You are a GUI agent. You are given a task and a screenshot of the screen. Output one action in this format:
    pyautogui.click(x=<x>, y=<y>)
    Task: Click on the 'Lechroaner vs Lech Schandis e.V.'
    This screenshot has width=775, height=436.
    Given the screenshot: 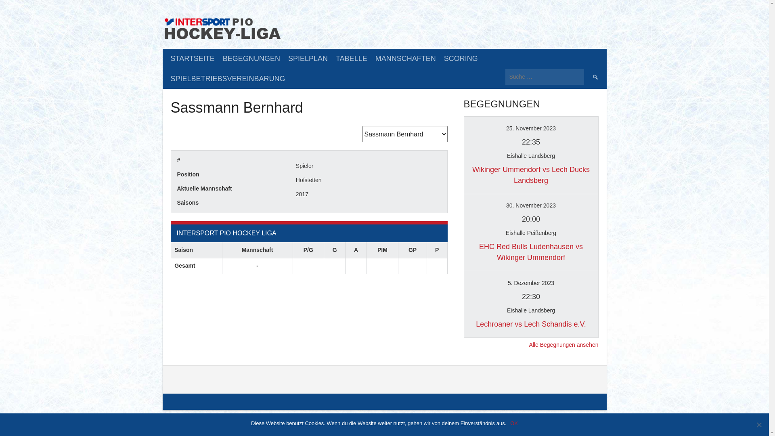 What is the action you would take?
    pyautogui.click(x=531, y=323)
    